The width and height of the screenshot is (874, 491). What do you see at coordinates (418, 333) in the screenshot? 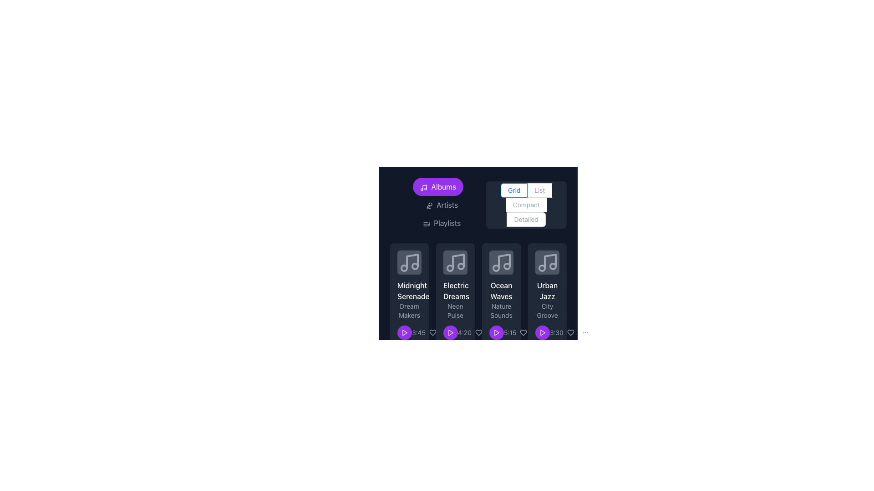
I see `the gray text label displaying '3:45', which is located below the 'Midnight Serenade' album thumbnail, to the right of the play button and to the left of the heart-shaped like button` at bounding box center [418, 333].